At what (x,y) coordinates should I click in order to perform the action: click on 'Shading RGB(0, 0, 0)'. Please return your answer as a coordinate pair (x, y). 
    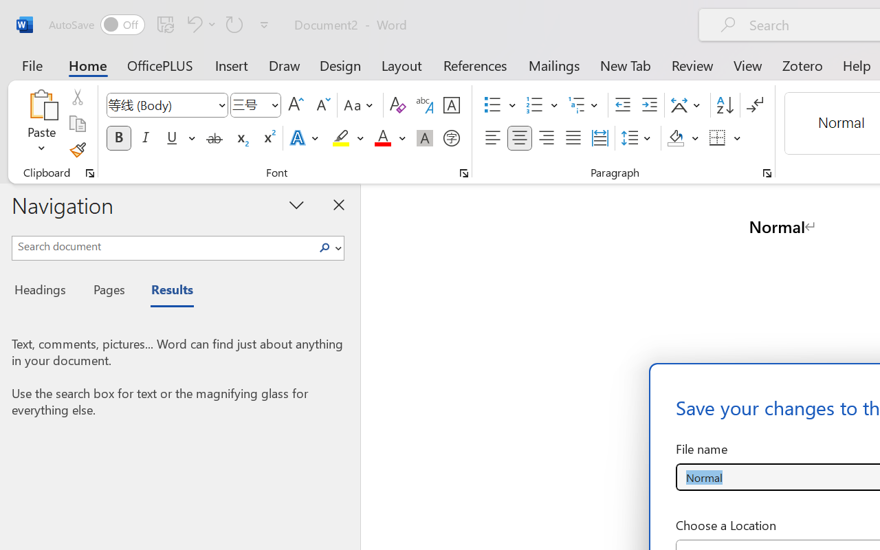
    Looking at the image, I should click on (676, 138).